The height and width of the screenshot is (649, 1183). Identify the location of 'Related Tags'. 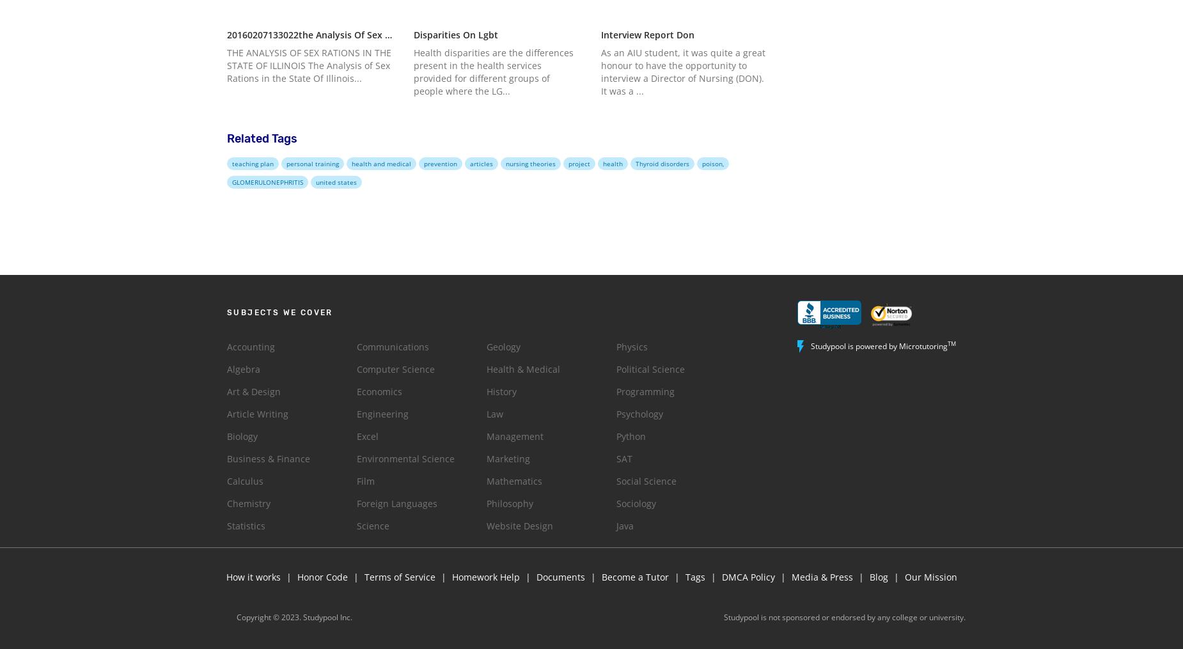
(226, 138).